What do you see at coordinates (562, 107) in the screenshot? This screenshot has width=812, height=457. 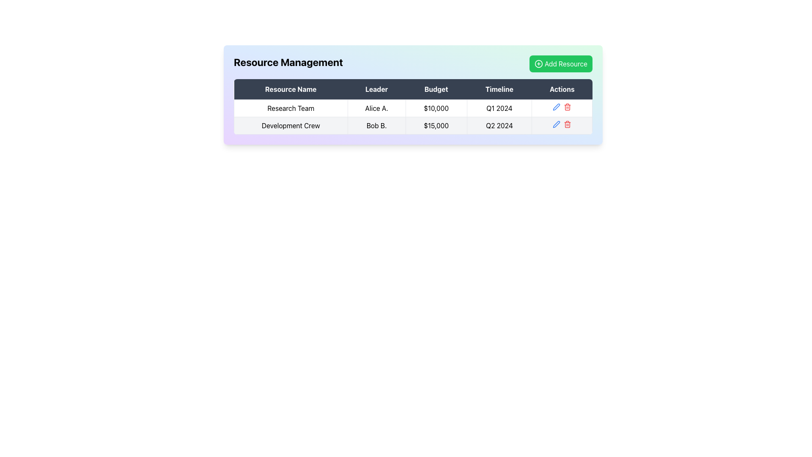 I see `the red trash can icon in the 'Actions' column of the table for the 'Research Team' row` at bounding box center [562, 107].